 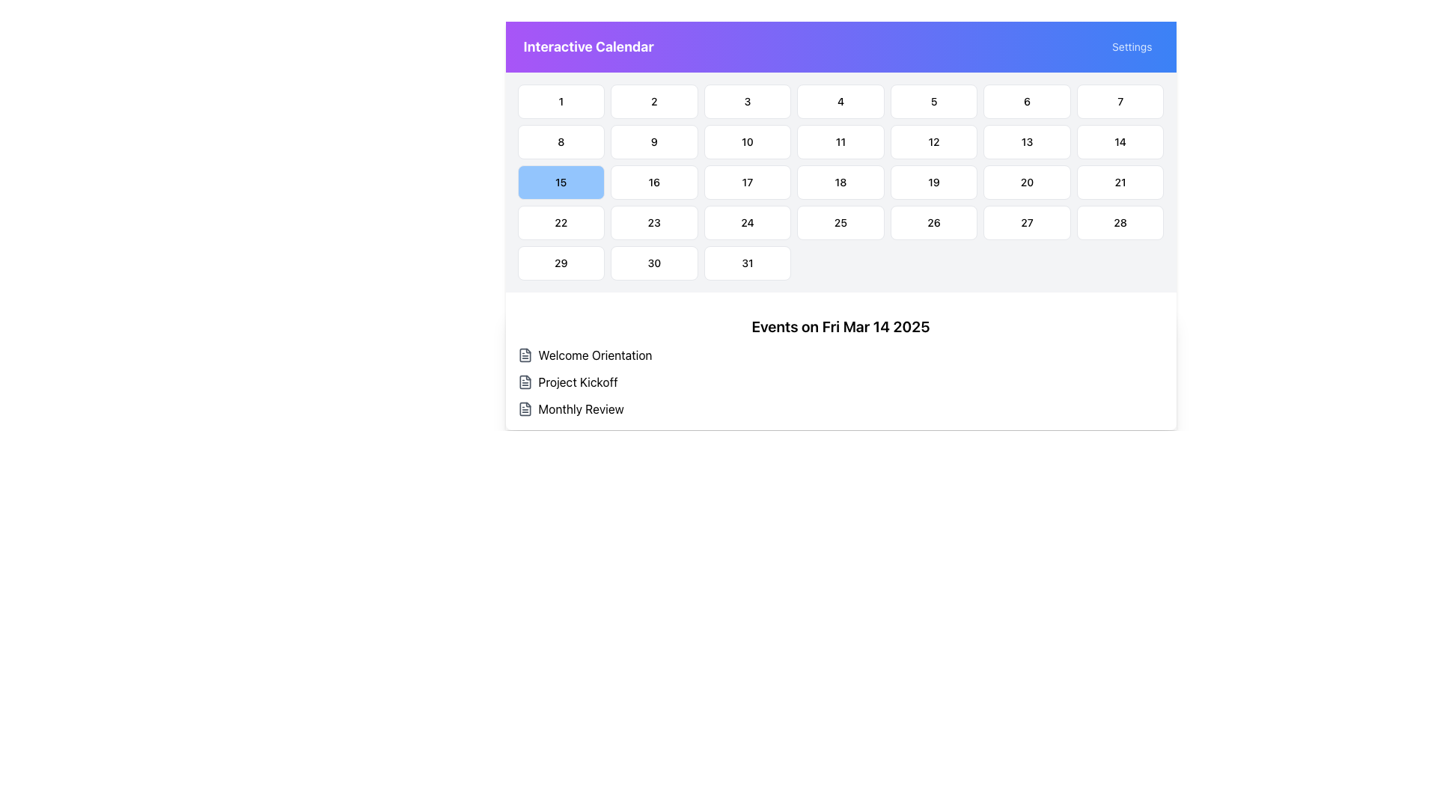 I want to click on the text label displaying the day number '11' in the calendar grid, located in the second row and fourth column, so click(x=840, y=141).